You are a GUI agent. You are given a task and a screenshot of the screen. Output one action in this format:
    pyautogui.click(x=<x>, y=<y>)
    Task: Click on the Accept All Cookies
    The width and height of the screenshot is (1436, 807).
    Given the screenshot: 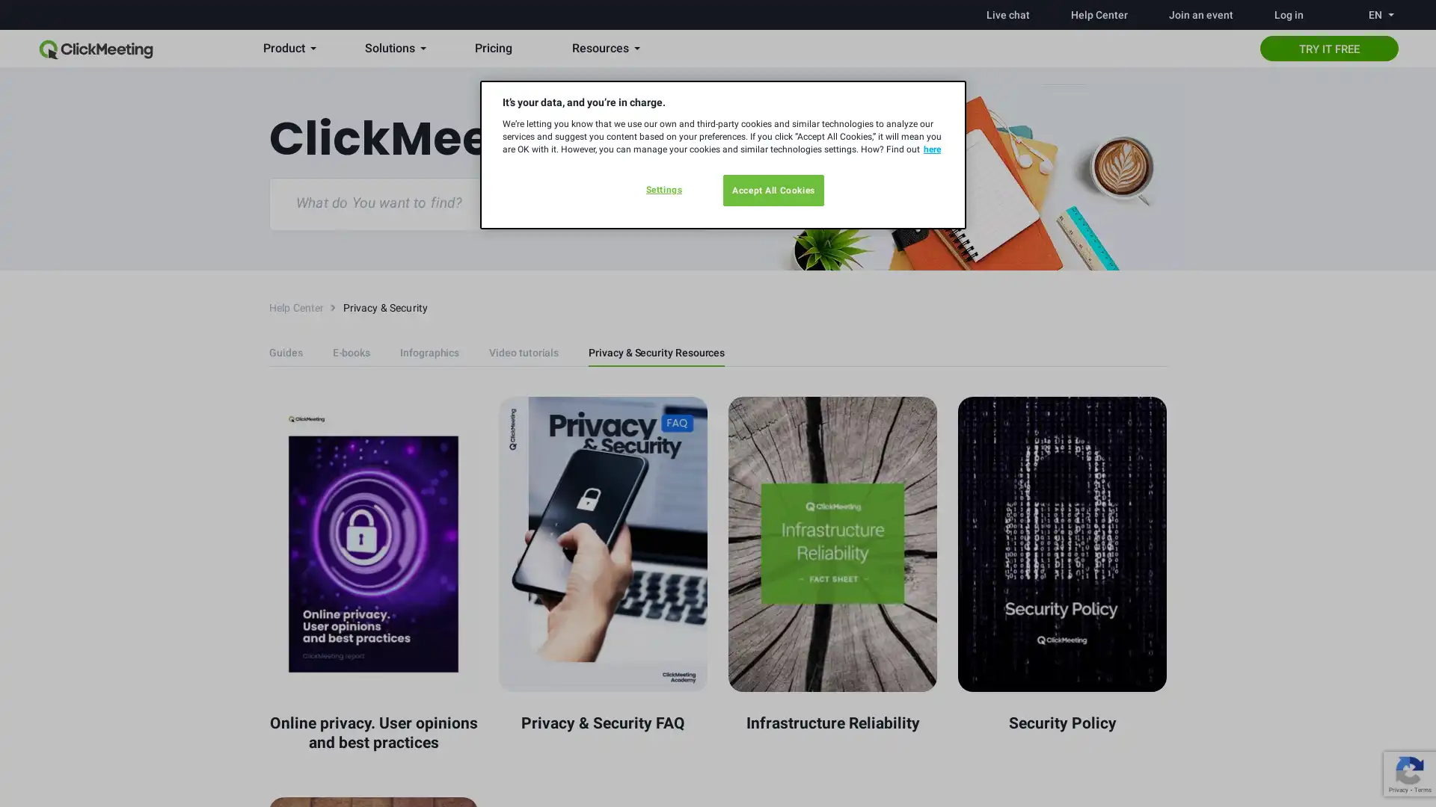 What is the action you would take?
    pyautogui.click(x=773, y=189)
    